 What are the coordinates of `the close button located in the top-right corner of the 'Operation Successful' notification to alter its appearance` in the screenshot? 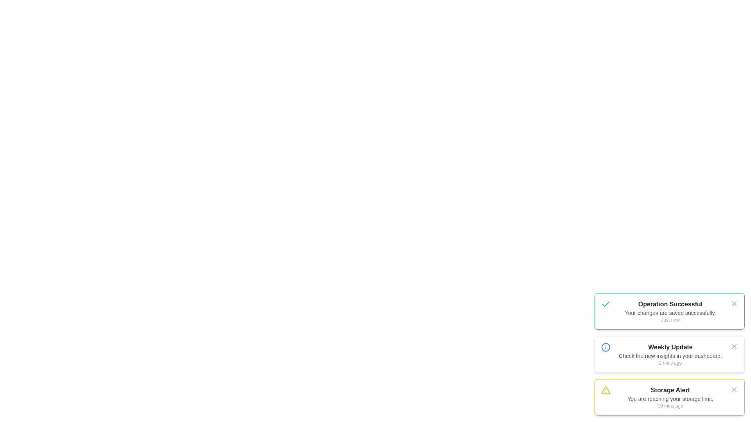 It's located at (733, 303).